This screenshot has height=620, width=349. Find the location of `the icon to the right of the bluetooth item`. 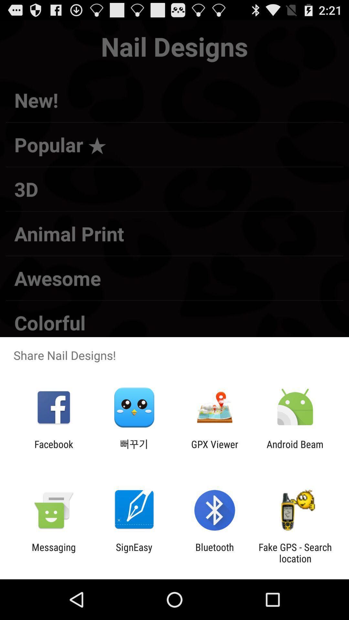

the icon to the right of the bluetooth item is located at coordinates (295, 553).